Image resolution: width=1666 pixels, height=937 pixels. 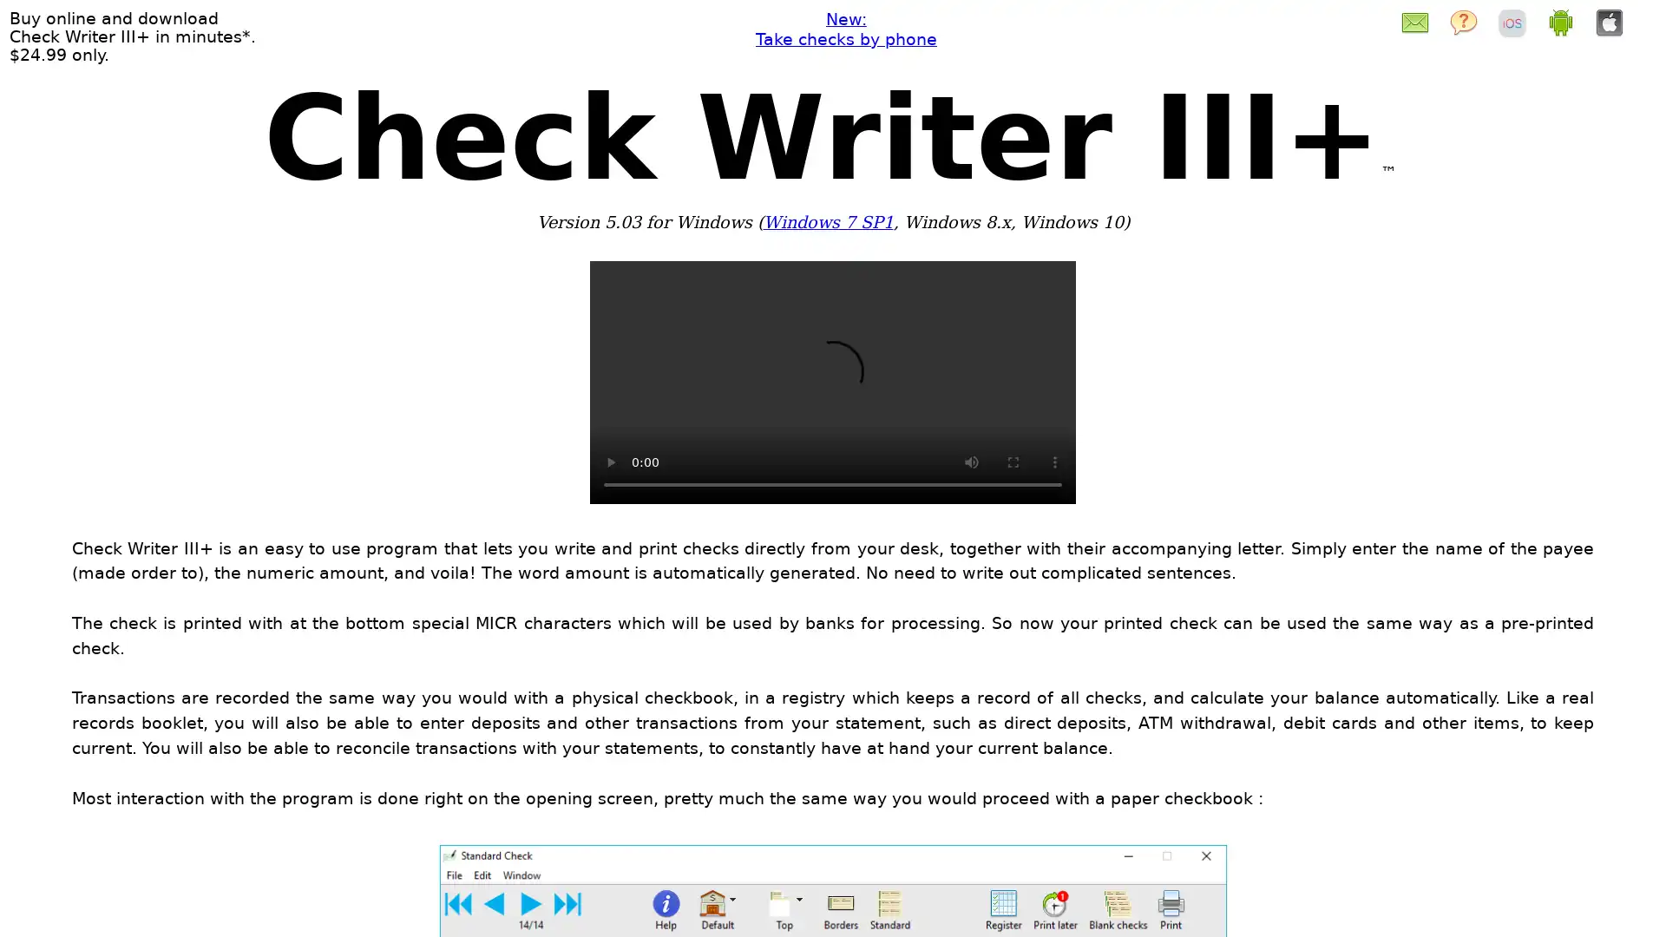 What do you see at coordinates (1013, 461) in the screenshot?
I see `enter full screen` at bounding box center [1013, 461].